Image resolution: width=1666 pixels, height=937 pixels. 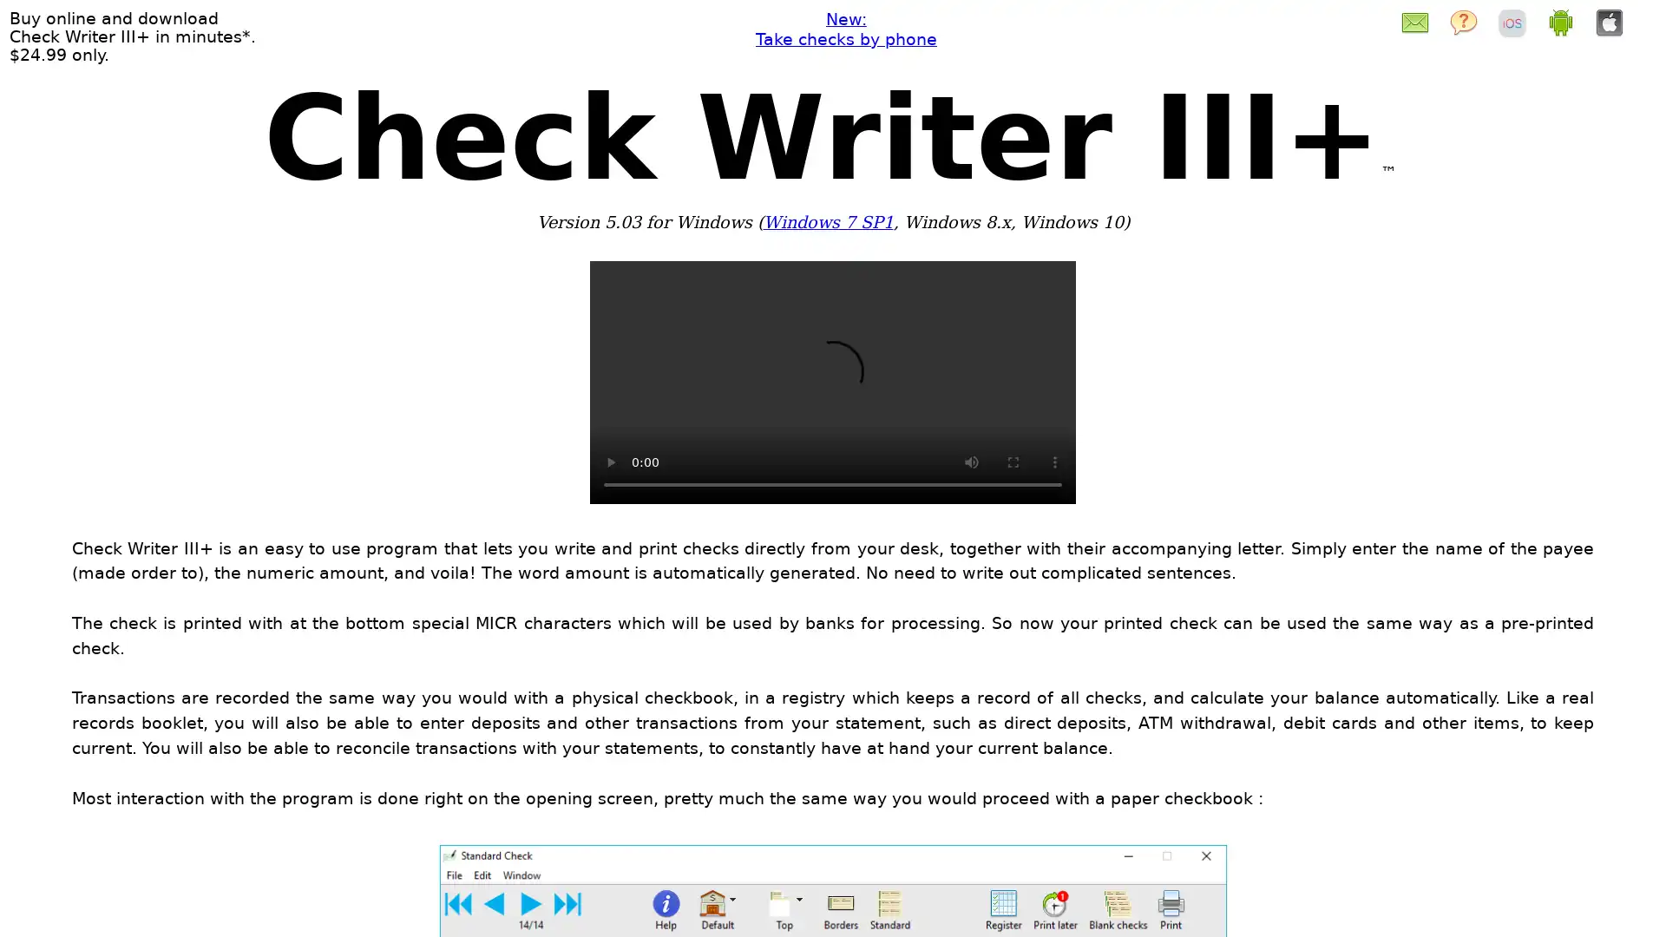 What do you see at coordinates (1013, 461) in the screenshot?
I see `enter full screen` at bounding box center [1013, 461].